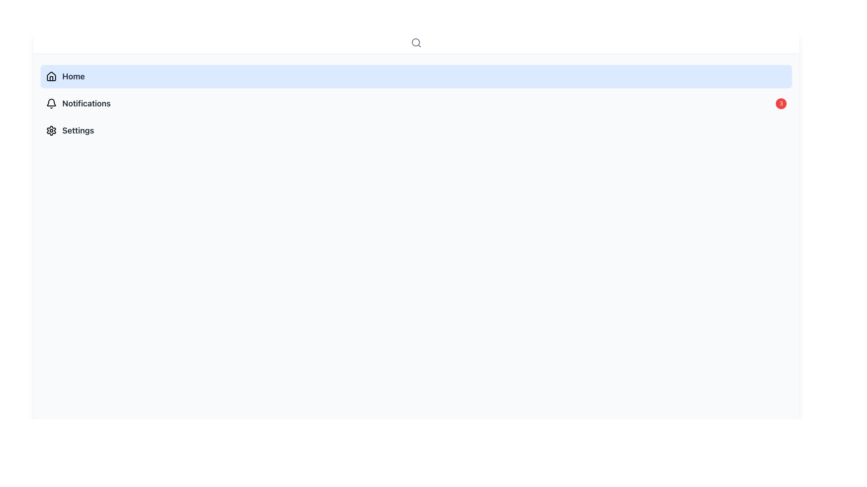  I want to click on text label displaying 'Home' in bold, dark gray, located in the vertical menu next to the house icon, so click(74, 76).